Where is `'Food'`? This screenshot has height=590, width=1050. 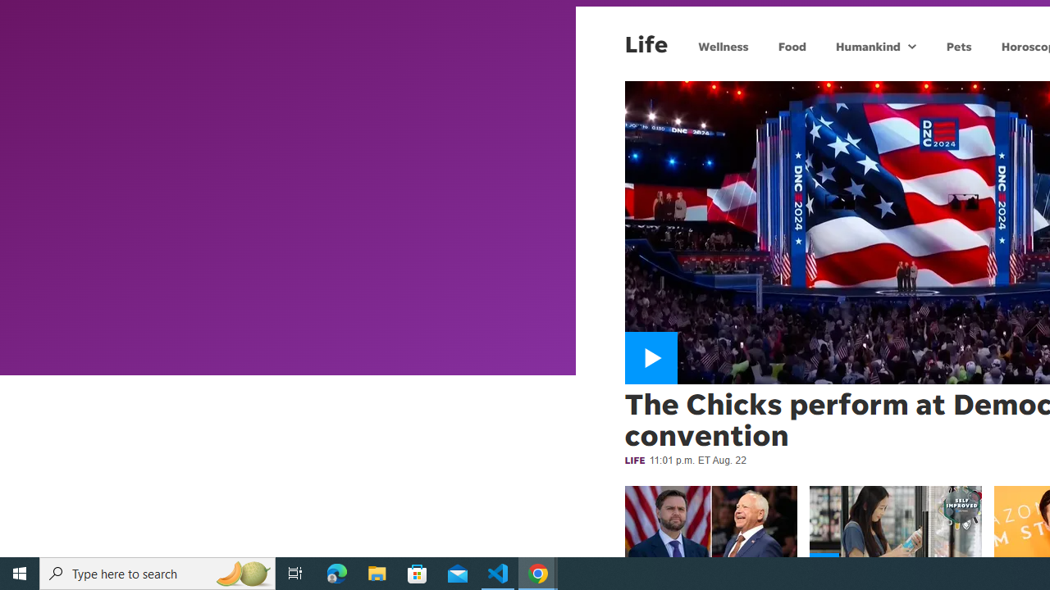
'Food' is located at coordinates (792, 45).